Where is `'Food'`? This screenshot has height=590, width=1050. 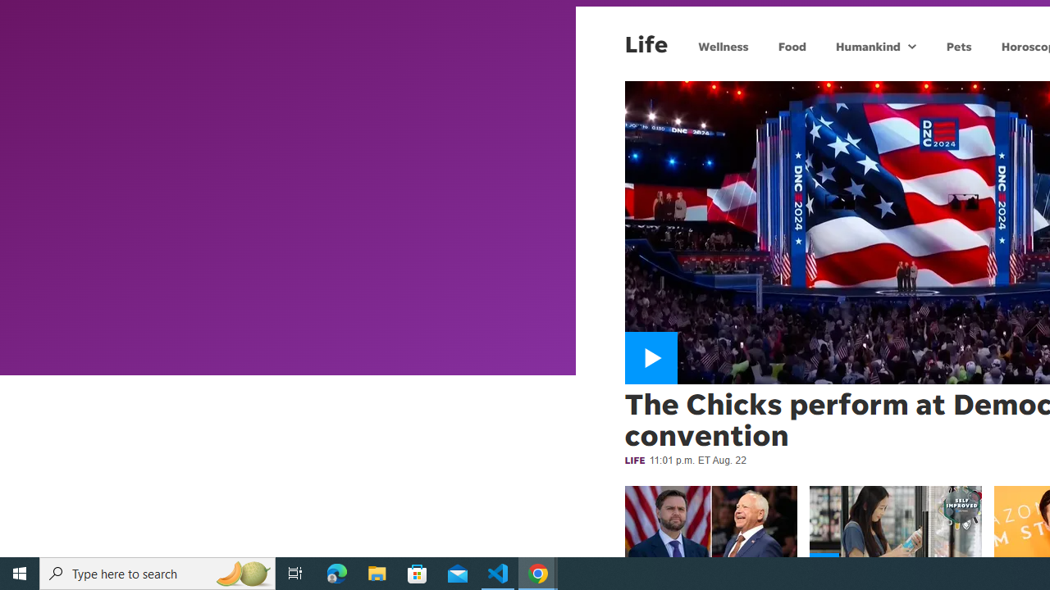
'Food' is located at coordinates (792, 45).